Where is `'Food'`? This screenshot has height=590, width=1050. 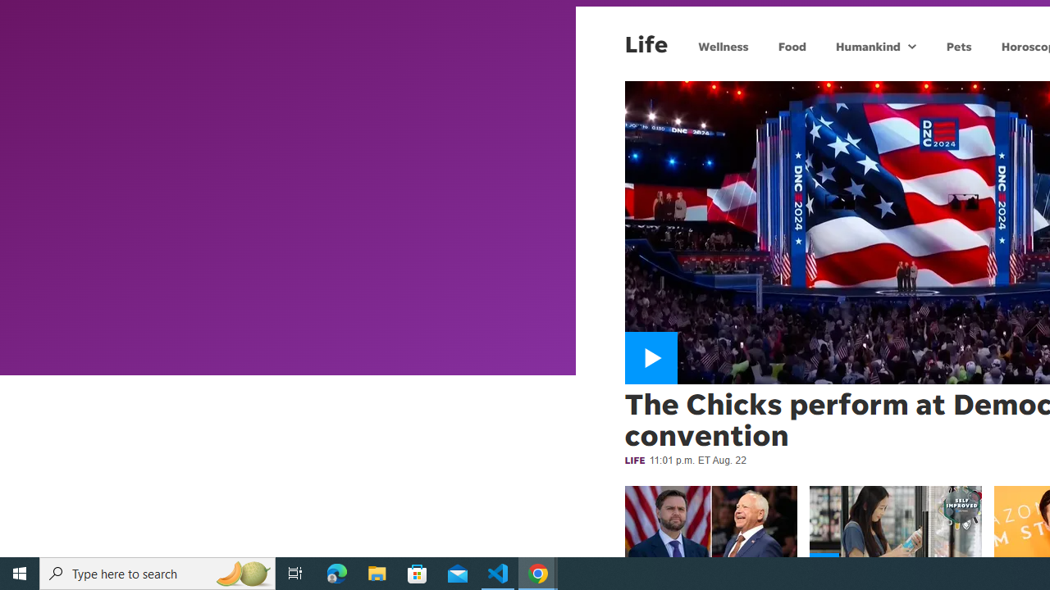
'Food' is located at coordinates (792, 45).